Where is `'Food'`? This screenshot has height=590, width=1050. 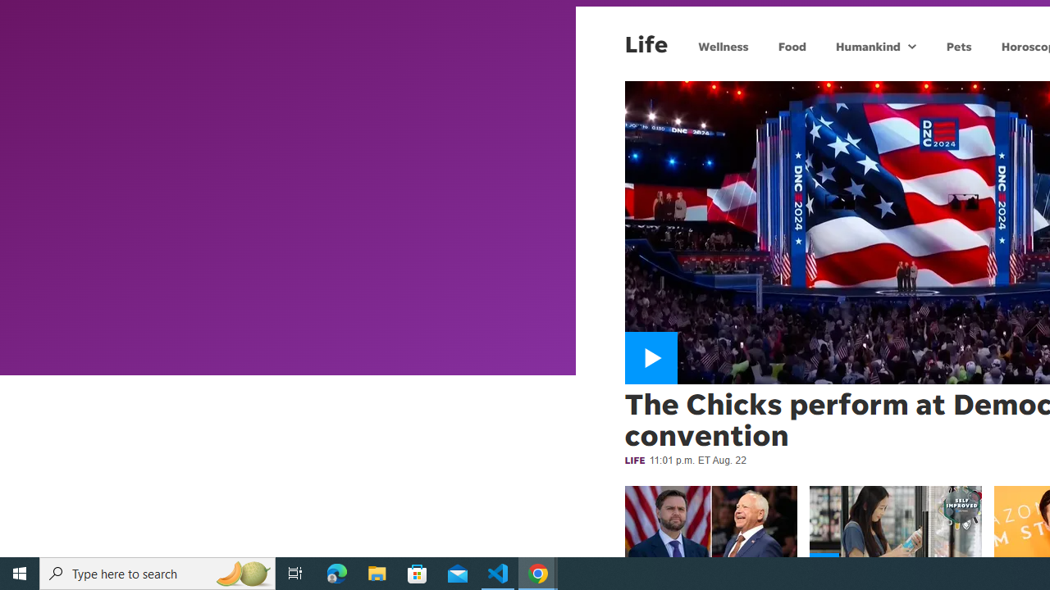
'Food' is located at coordinates (792, 45).